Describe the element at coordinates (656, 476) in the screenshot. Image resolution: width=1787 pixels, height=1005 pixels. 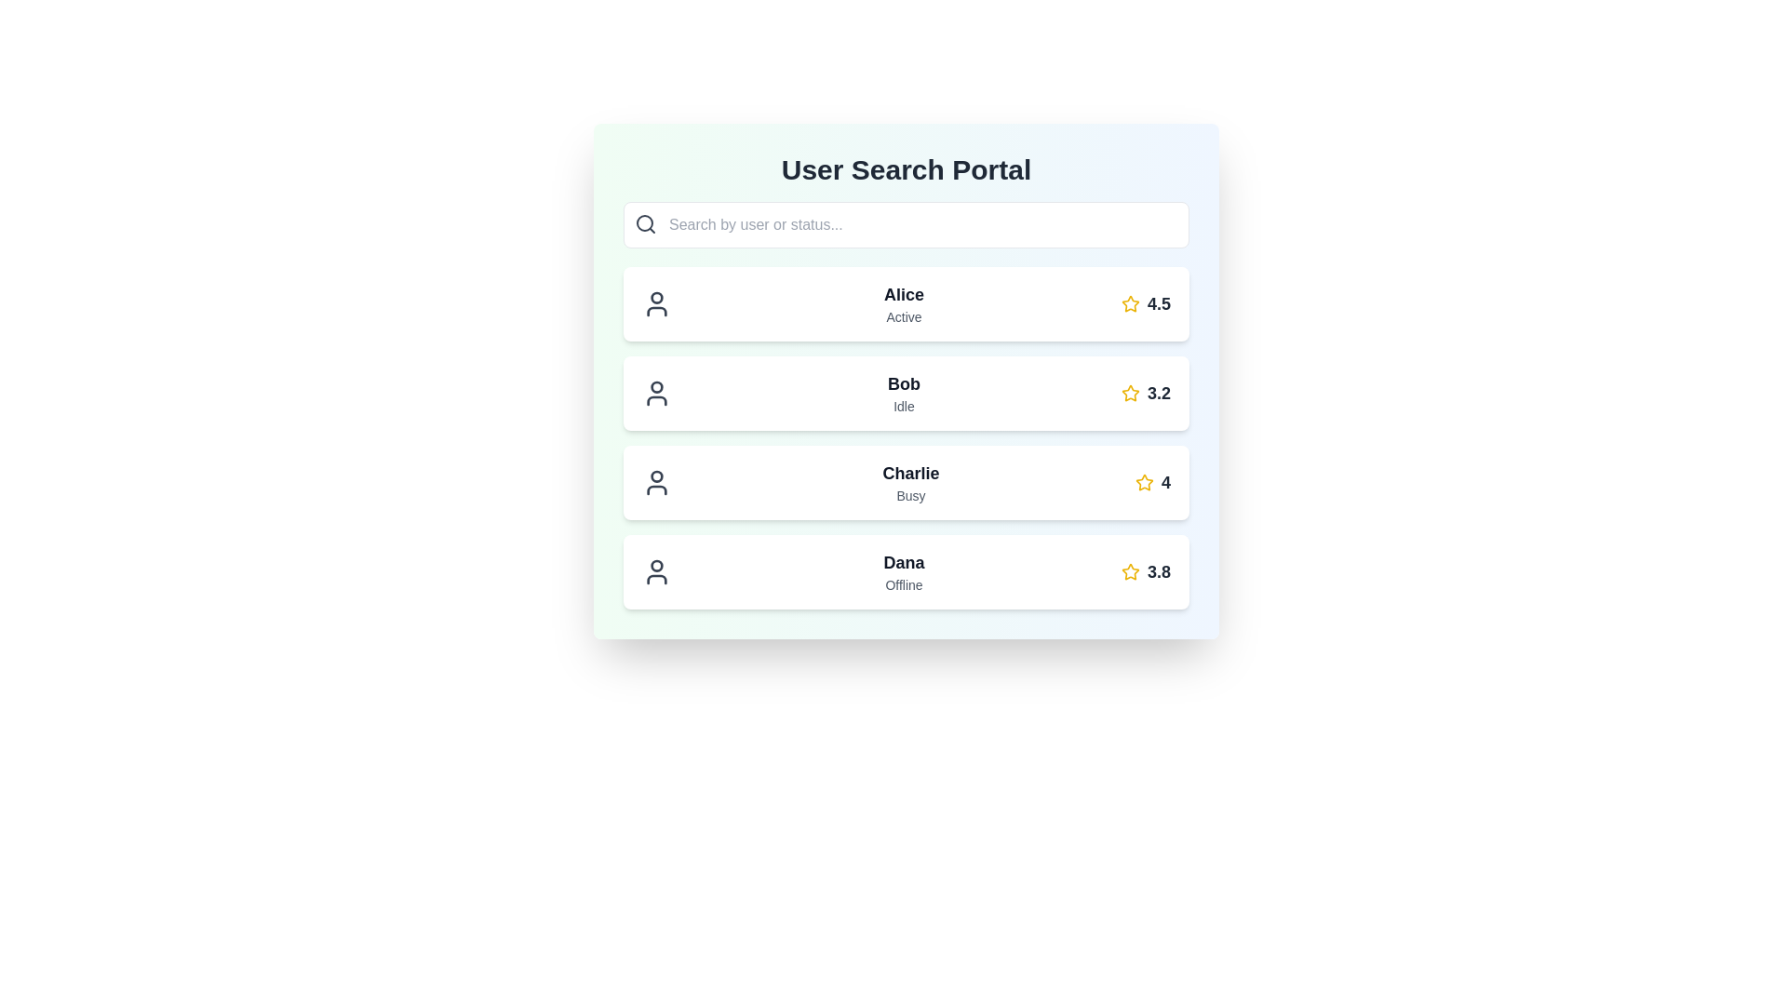
I see `the Circle SVG element that represents the head of the user profile icon for 'Charlie' in the list entry` at that location.